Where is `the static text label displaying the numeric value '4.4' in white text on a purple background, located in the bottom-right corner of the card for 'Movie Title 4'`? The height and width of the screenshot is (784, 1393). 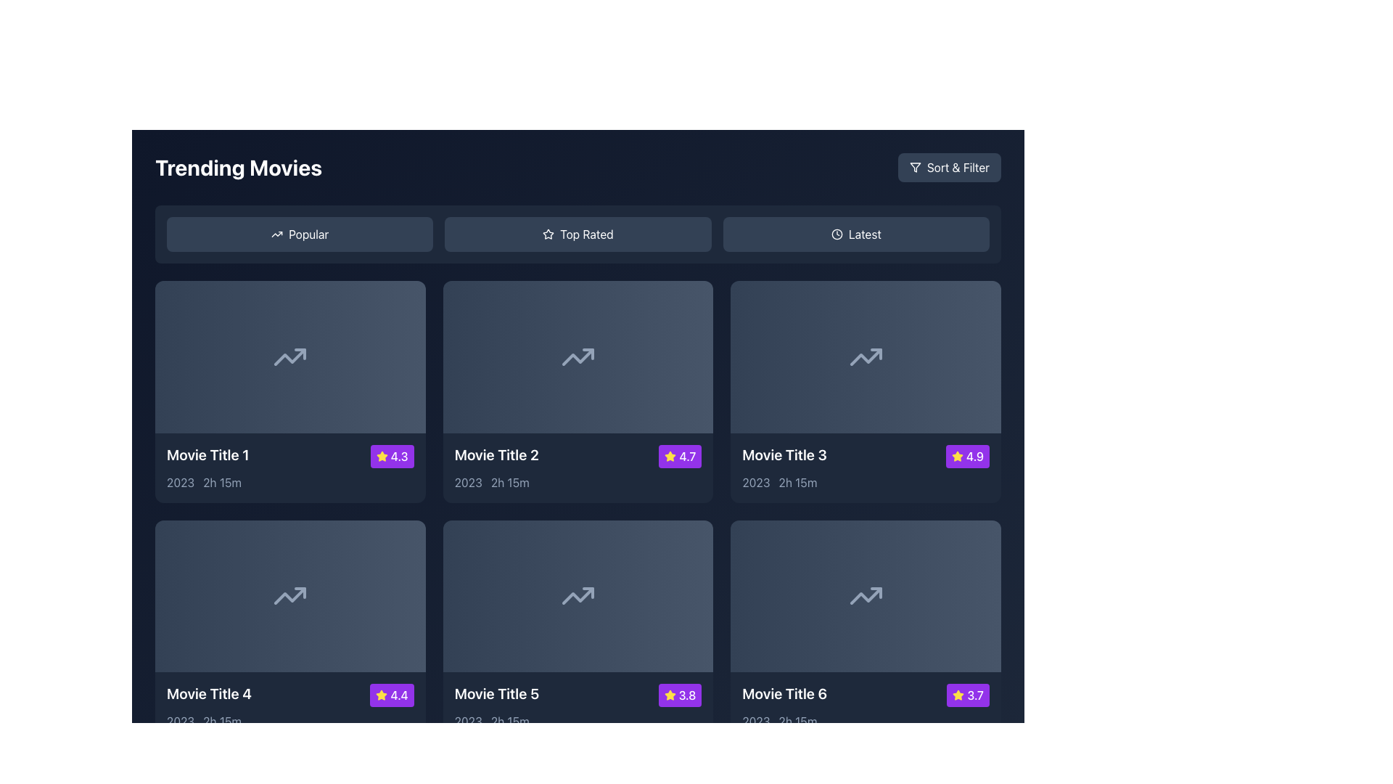
the static text label displaying the numeric value '4.4' in white text on a purple background, located in the bottom-right corner of the card for 'Movie Title 4' is located at coordinates (399, 695).